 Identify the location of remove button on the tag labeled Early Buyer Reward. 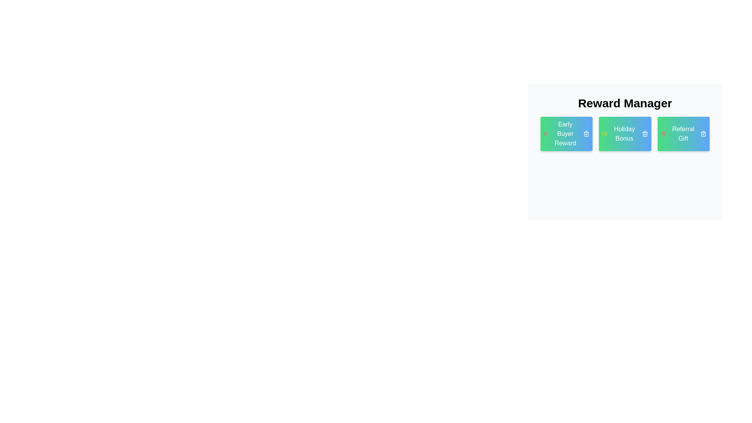
(586, 134).